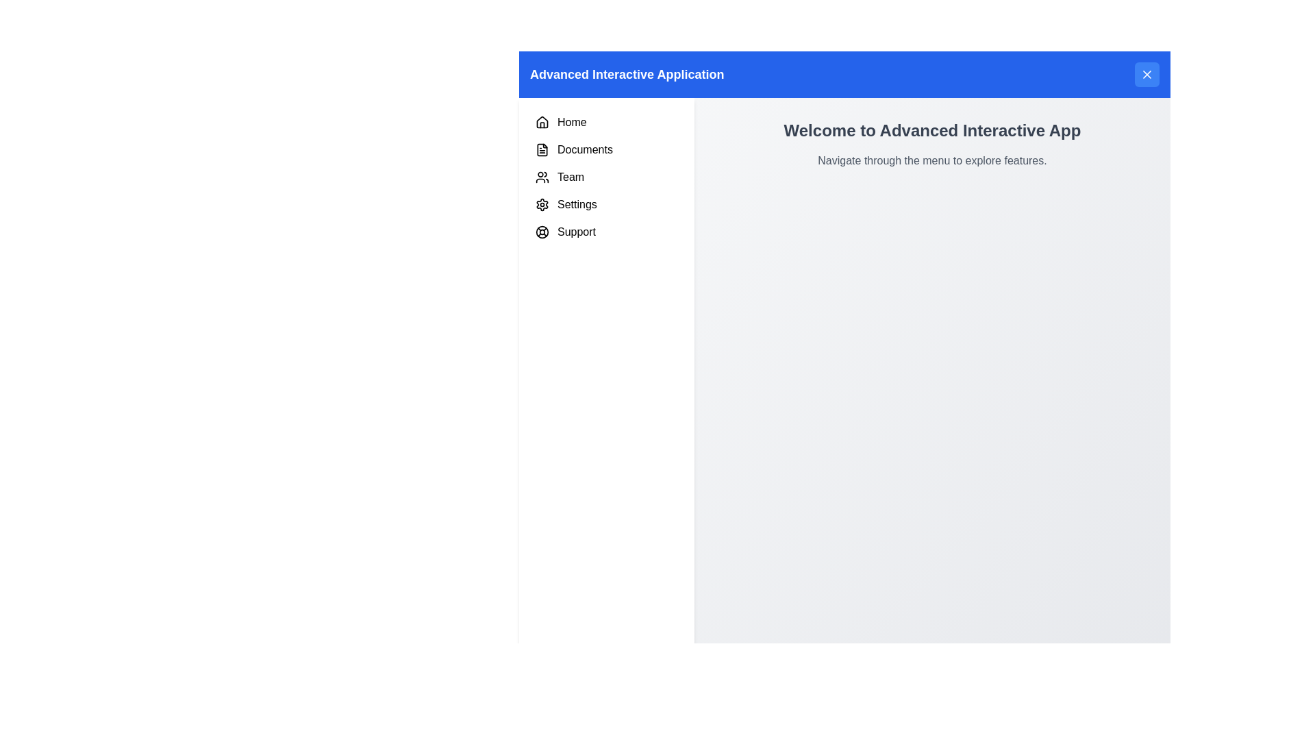 The height and width of the screenshot is (740, 1315). What do you see at coordinates (606, 205) in the screenshot?
I see `the 'Settings' menu item, which is the fourth item in the vertical list on the left sidebar, located between 'Team' and 'Support'` at bounding box center [606, 205].